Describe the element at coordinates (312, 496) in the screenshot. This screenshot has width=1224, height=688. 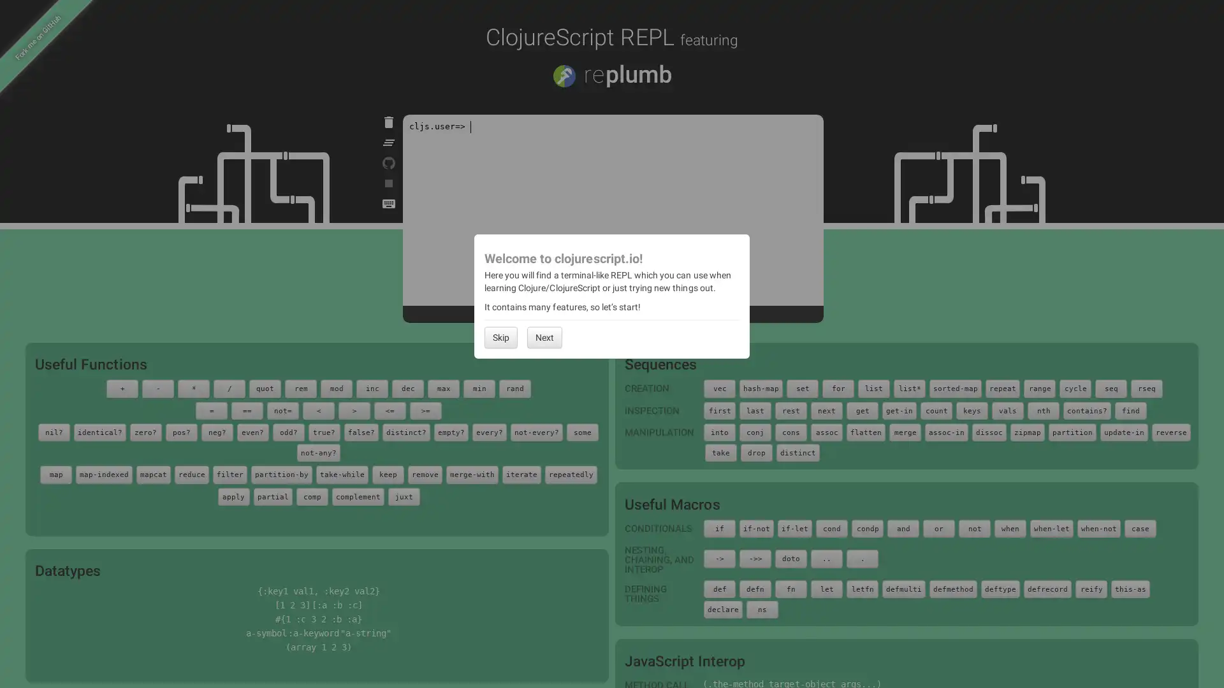
I see `comp` at that location.